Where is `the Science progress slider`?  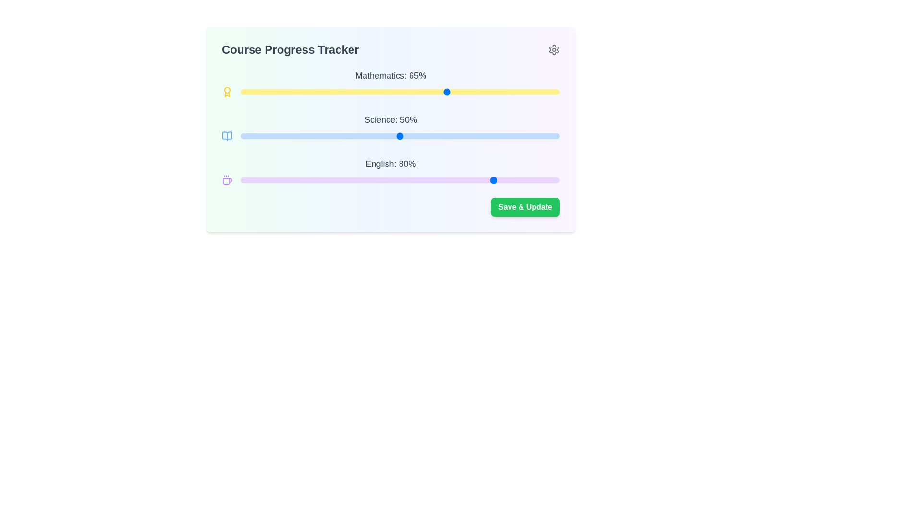 the Science progress slider is located at coordinates (275, 136).